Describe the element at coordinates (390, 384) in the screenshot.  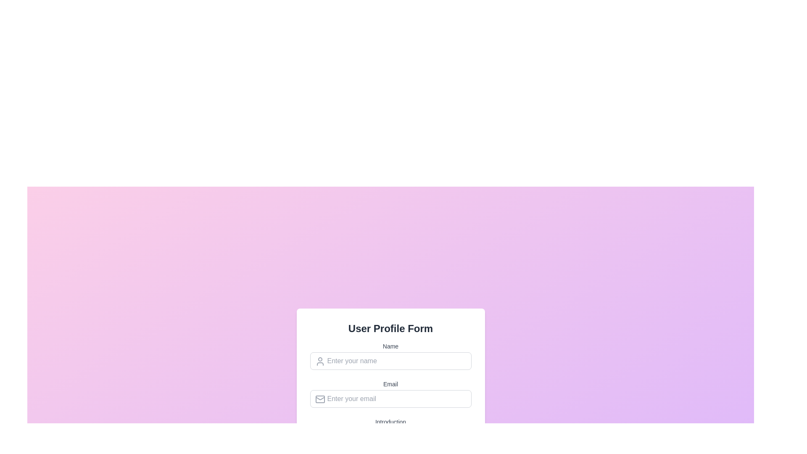
I see `the static label text for the email input field` at that location.